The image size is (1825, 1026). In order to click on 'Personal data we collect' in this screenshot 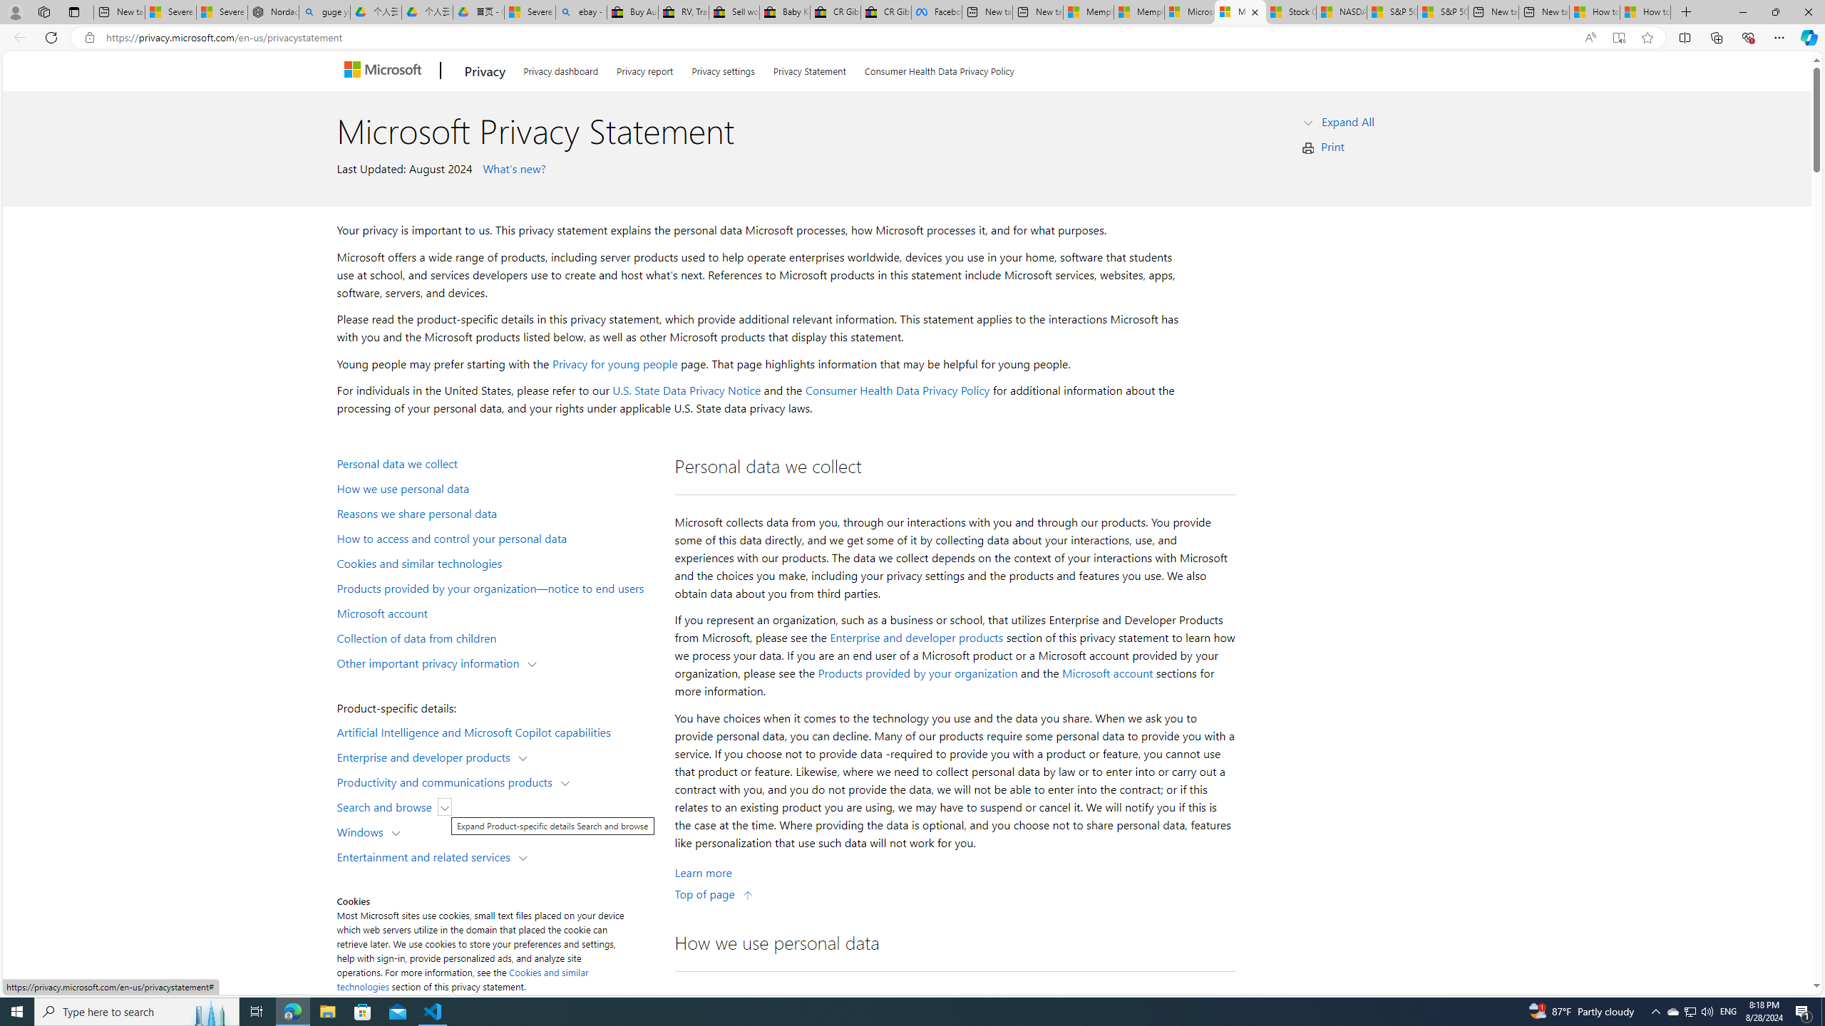, I will do `click(496, 462)`.